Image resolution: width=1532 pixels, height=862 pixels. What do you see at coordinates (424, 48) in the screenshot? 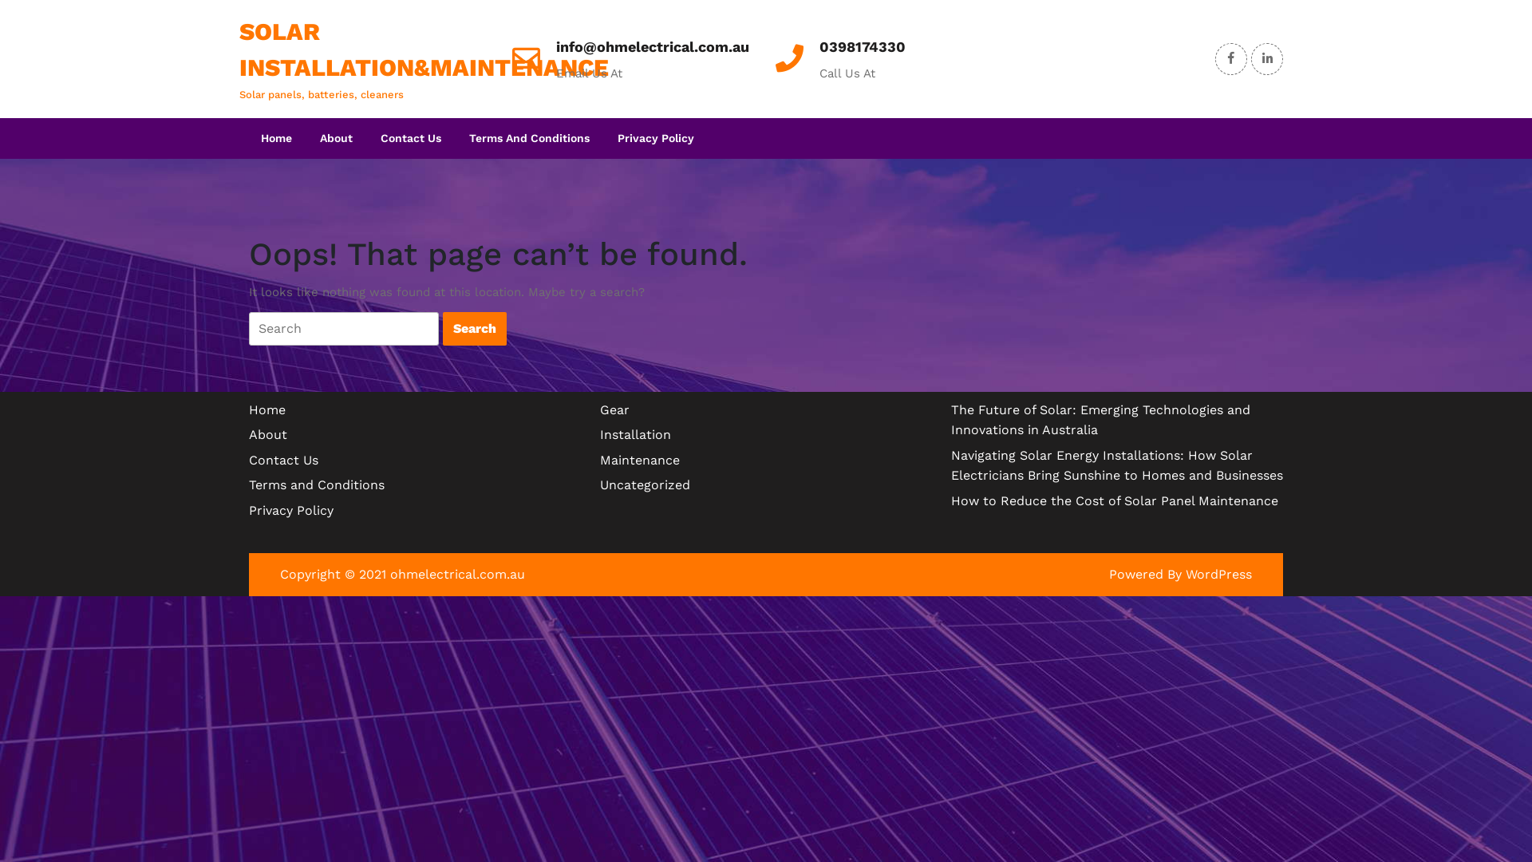
I see `'SOLAR INSTALLATION&MAINTENANCE'` at bounding box center [424, 48].